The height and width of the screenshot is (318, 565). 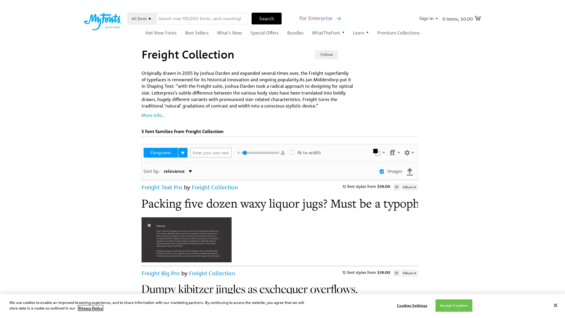 I want to click on Album, so click(x=409, y=273).